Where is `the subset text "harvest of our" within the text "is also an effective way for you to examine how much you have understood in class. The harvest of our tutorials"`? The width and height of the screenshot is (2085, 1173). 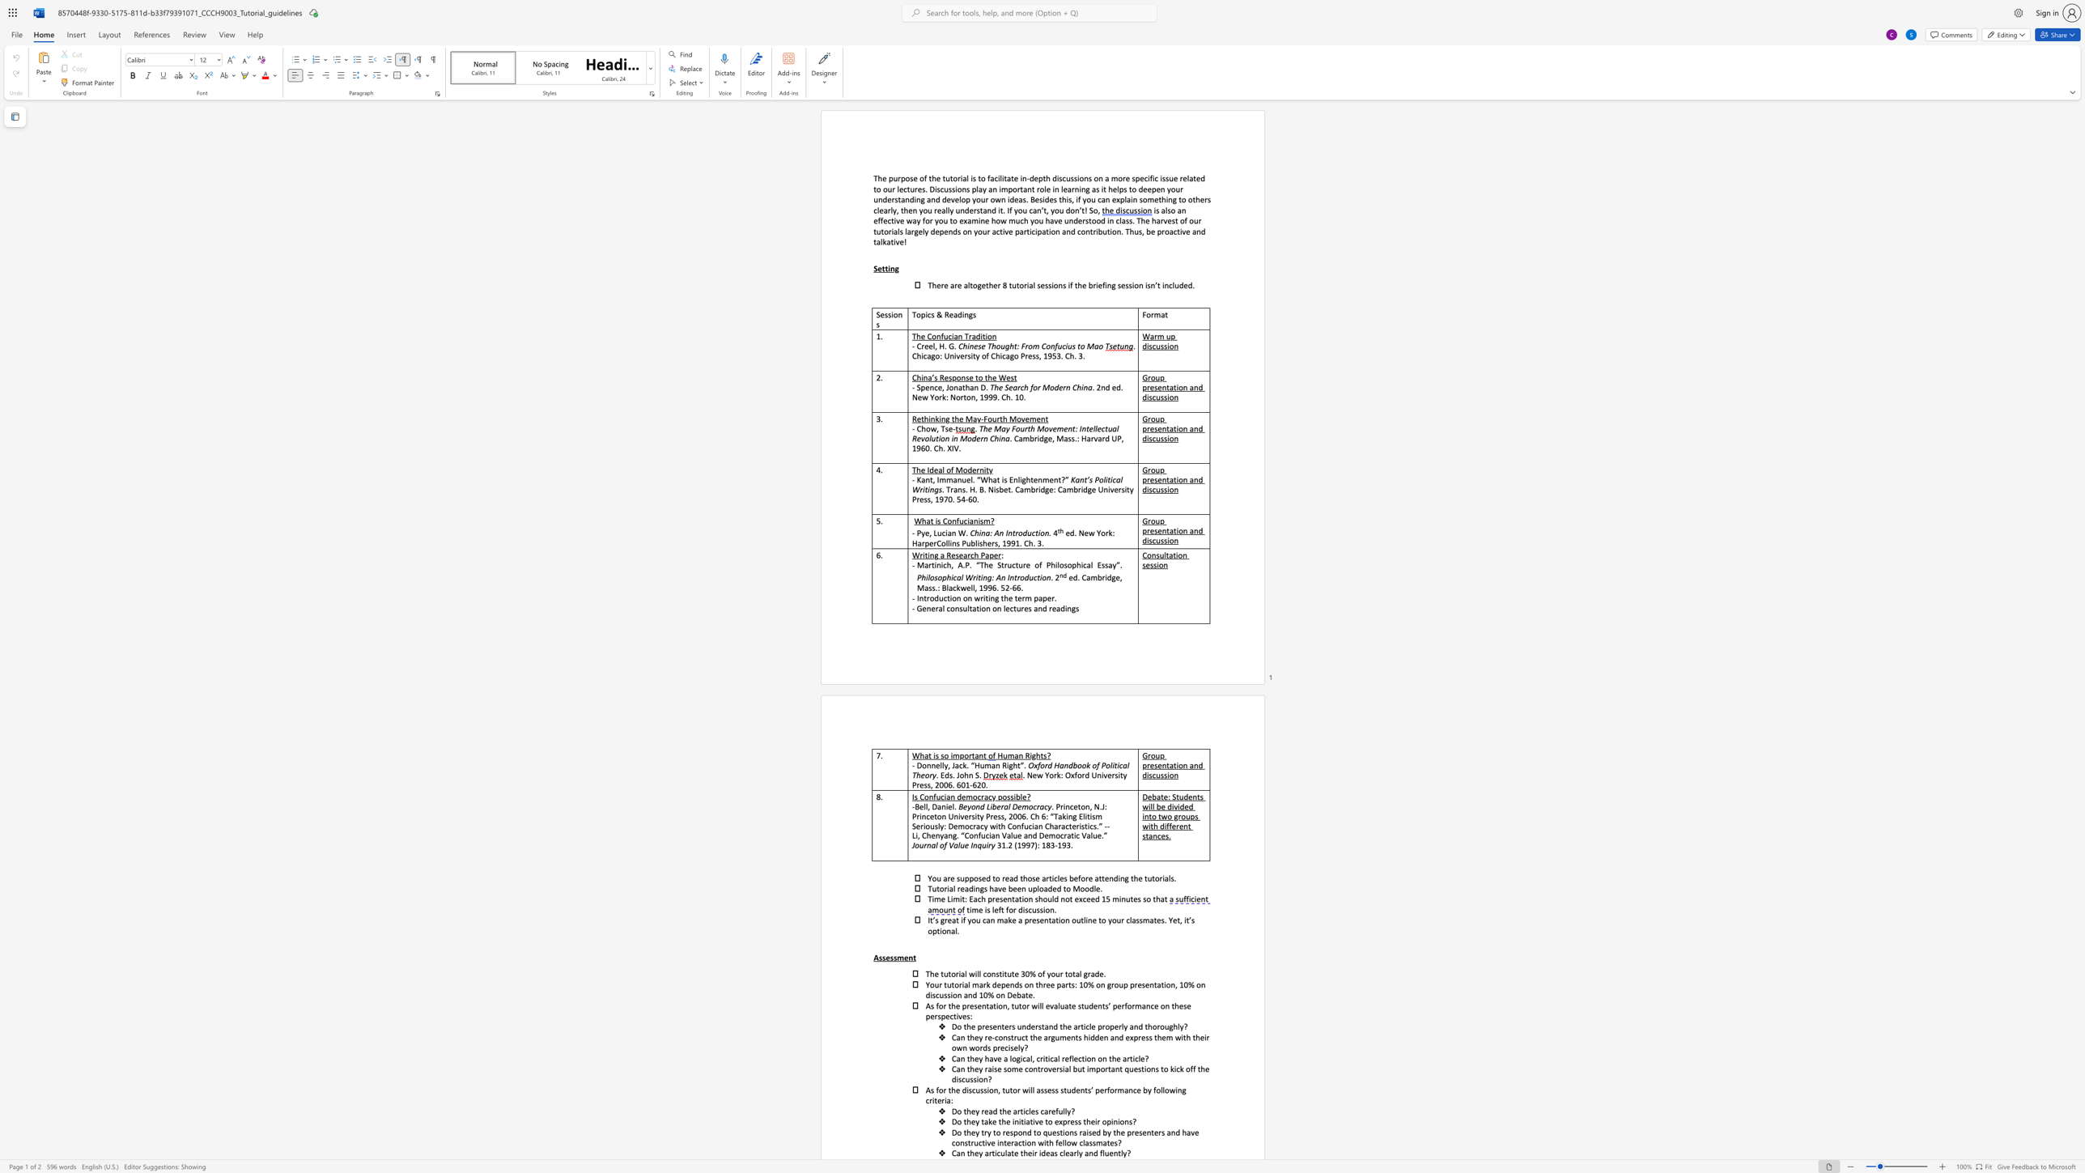
the subset text "harvest of our" within the text "is also an effective way for you to examine how much you have understood in class. The harvest of our tutorials" is located at coordinates (1152, 219).